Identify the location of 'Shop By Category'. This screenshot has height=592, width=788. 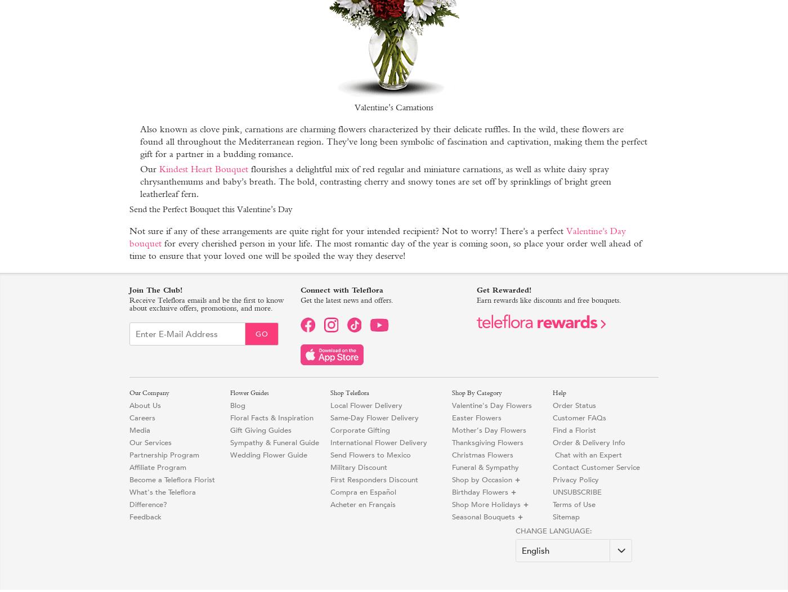
(477, 392).